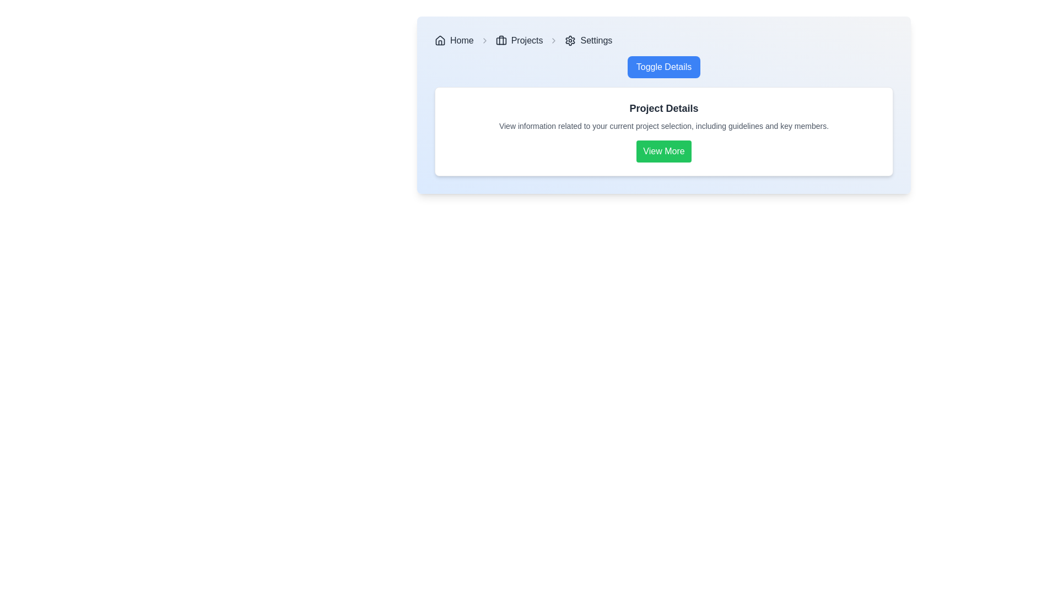 This screenshot has height=595, width=1058. Describe the element at coordinates (519, 40) in the screenshot. I see `the Navigation link with icon and text located in the horizontal navigation bar, positioned between 'Home' and 'Settings', for keyboard navigation` at that location.